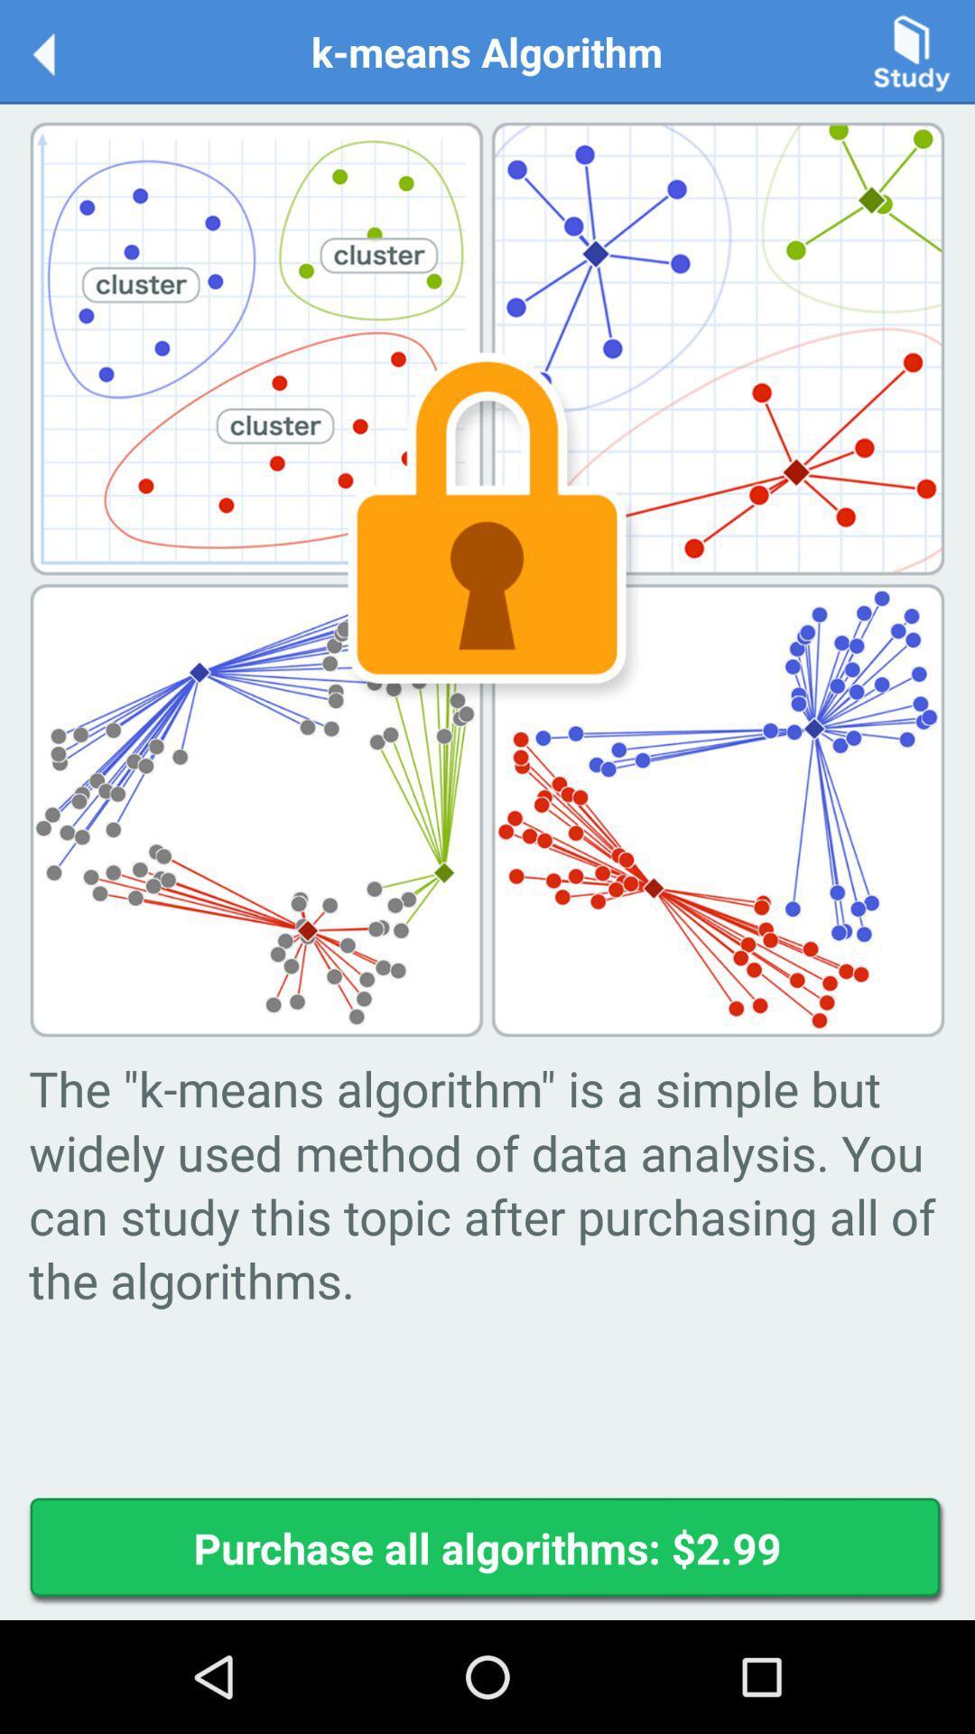 The width and height of the screenshot is (975, 1734). Describe the element at coordinates (61, 51) in the screenshot. I see `go back` at that location.